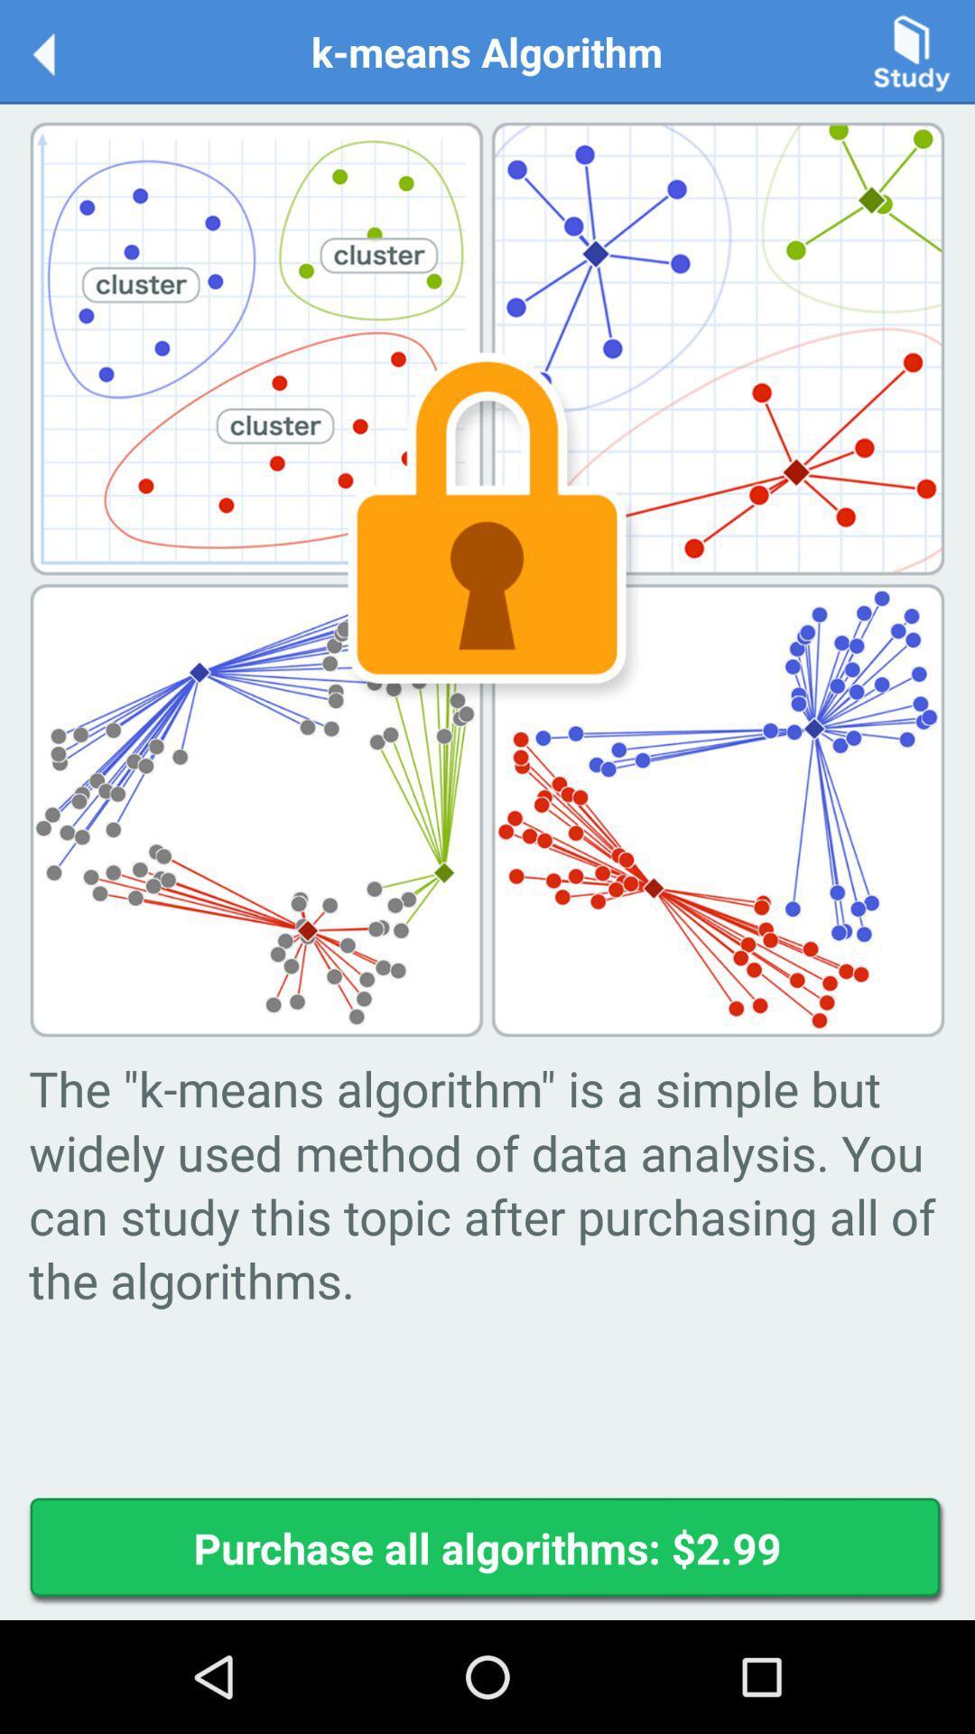 The width and height of the screenshot is (975, 1734). Describe the element at coordinates (61, 51) in the screenshot. I see `go back` at that location.